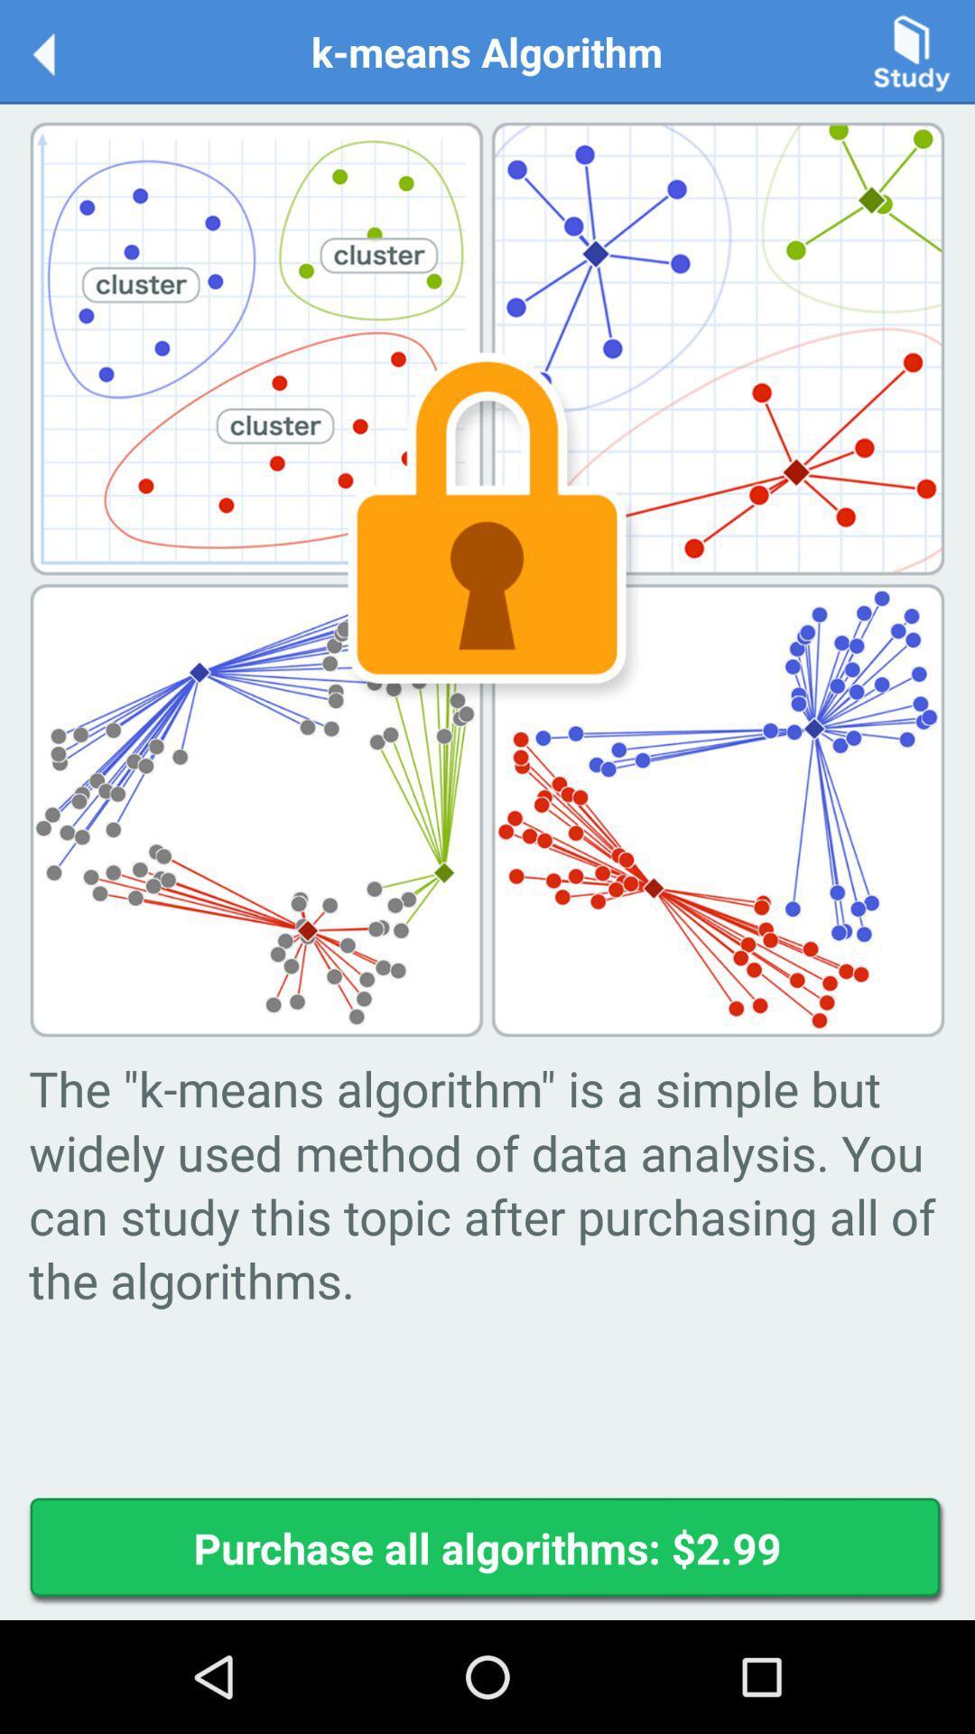 The width and height of the screenshot is (975, 1734). Describe the element at coordinates (61, 51) in the screenshot. I see `go back` at that location.